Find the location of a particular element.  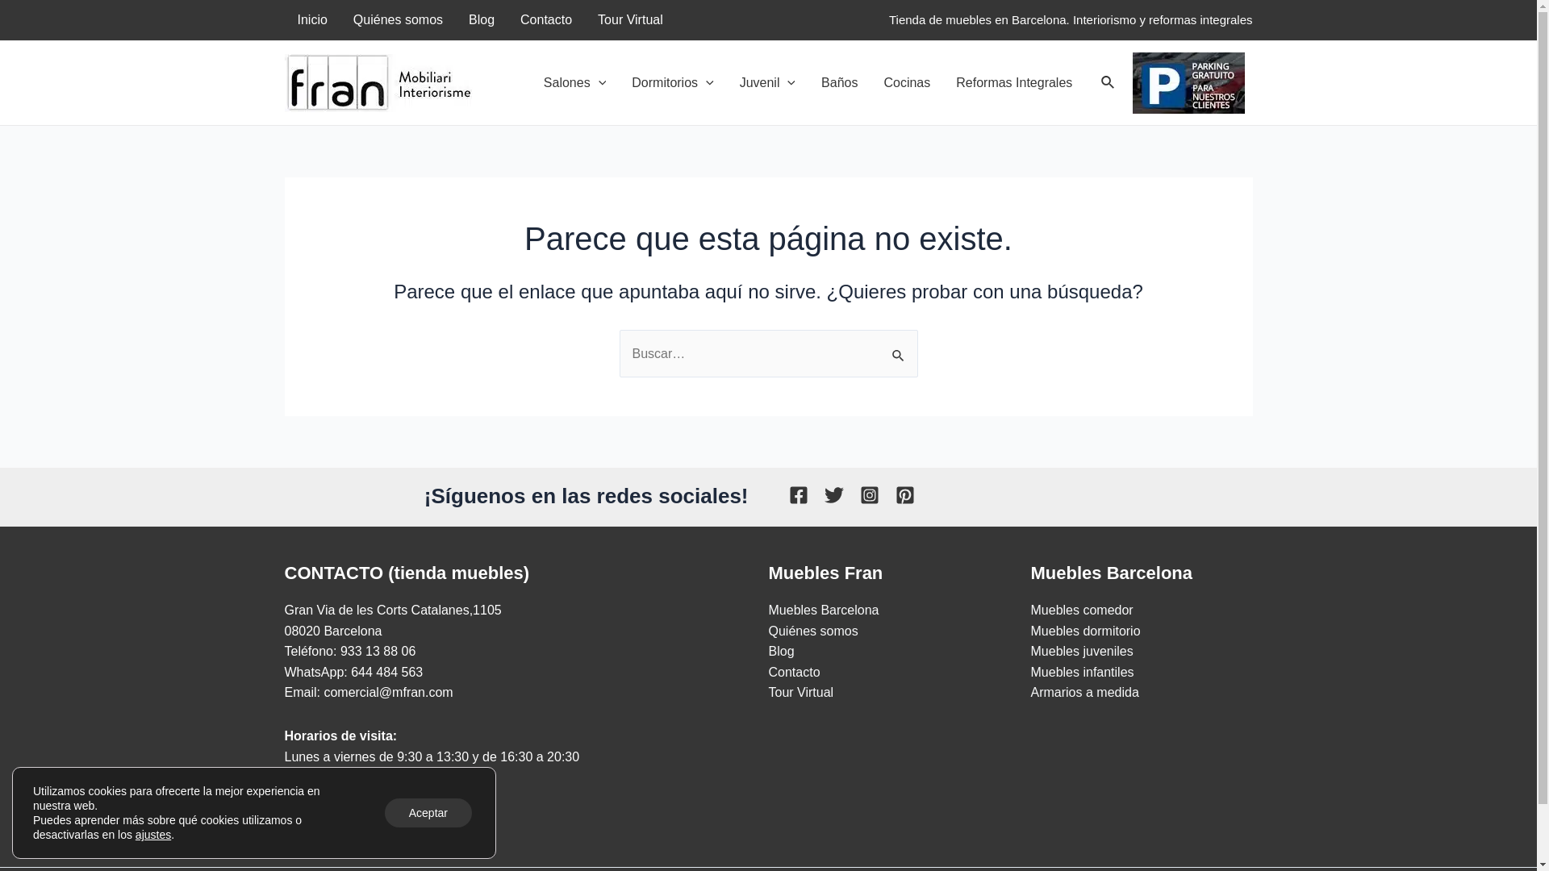

'Muebles infantiles' is located at coordinates (1083, 672).